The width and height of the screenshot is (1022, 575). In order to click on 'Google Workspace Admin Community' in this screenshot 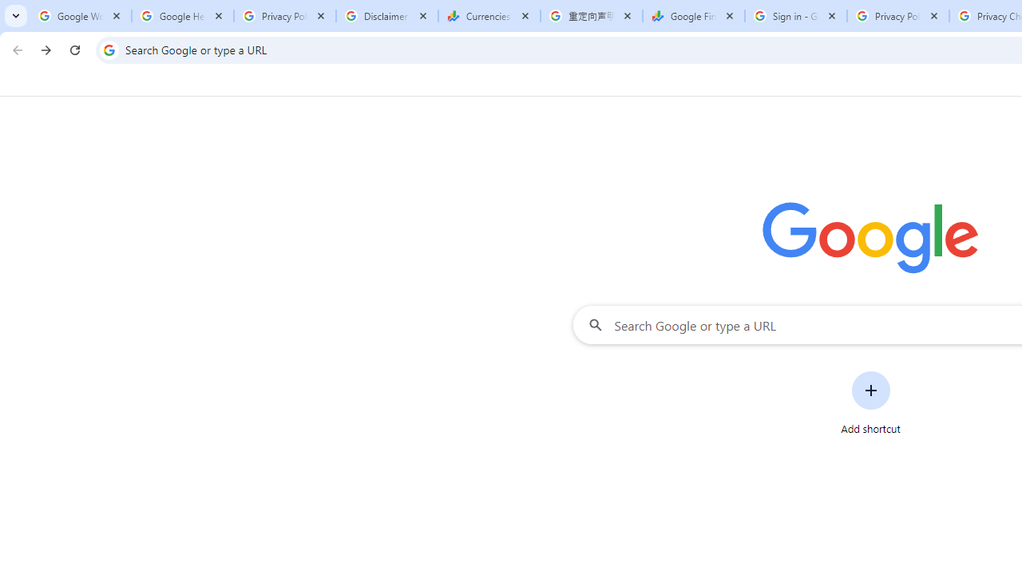, I will do `click(80, 16)`.